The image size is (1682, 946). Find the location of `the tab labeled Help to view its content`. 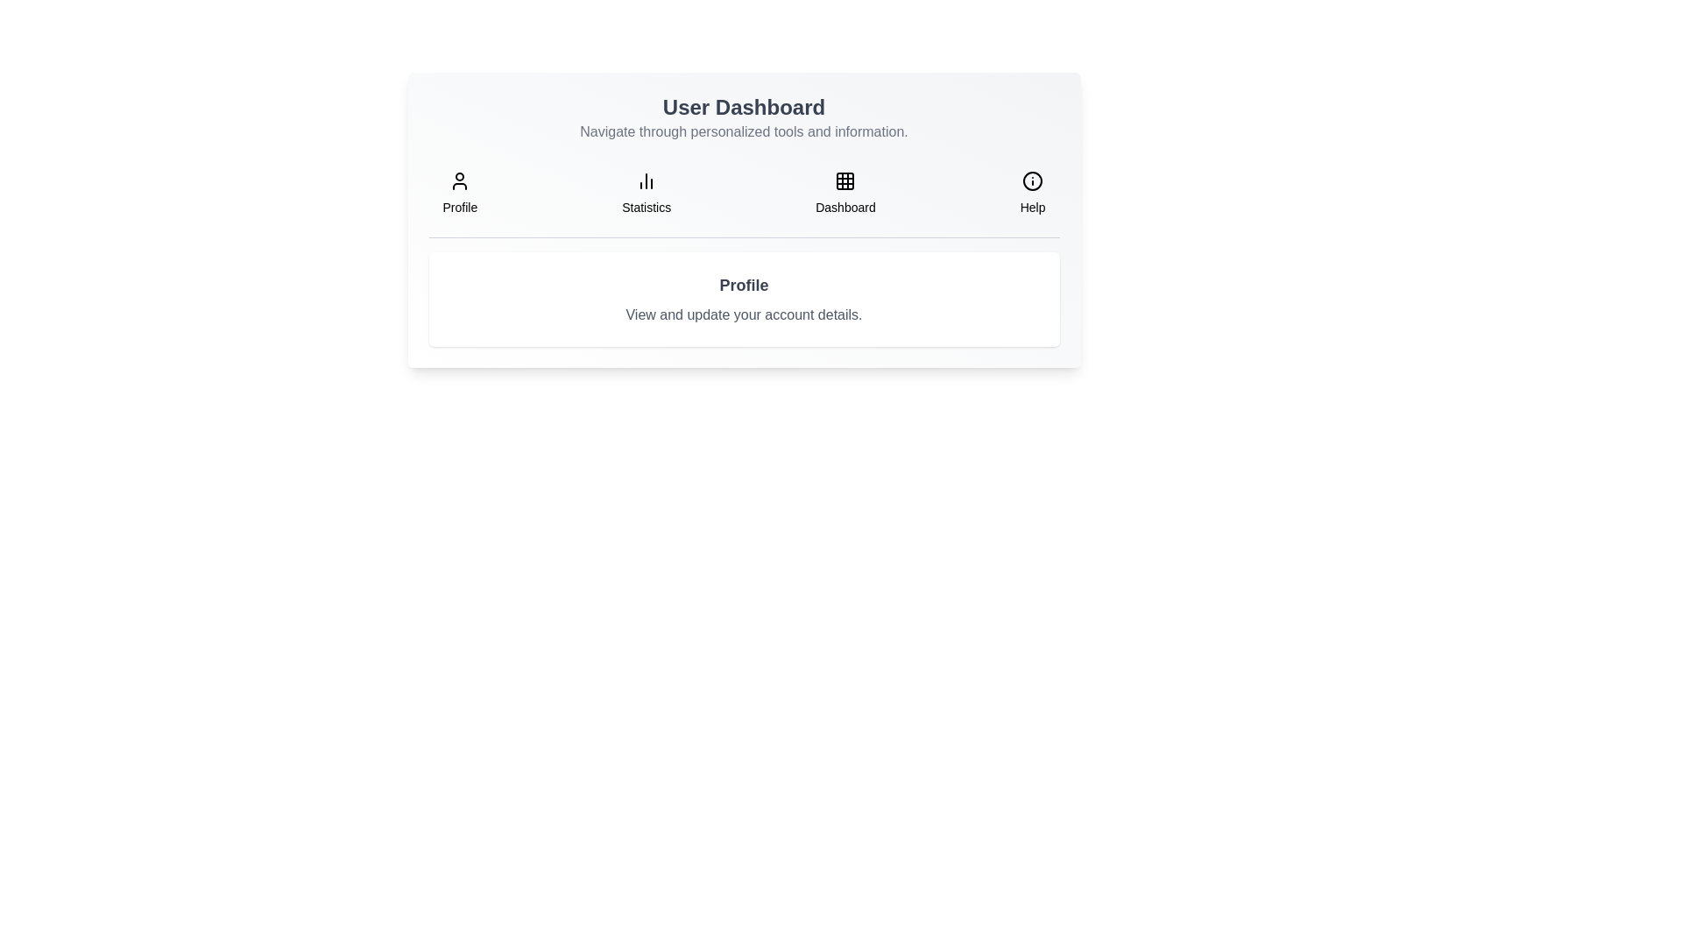

the tab labeled Help to view its content is located at coordinates (1033, 193).